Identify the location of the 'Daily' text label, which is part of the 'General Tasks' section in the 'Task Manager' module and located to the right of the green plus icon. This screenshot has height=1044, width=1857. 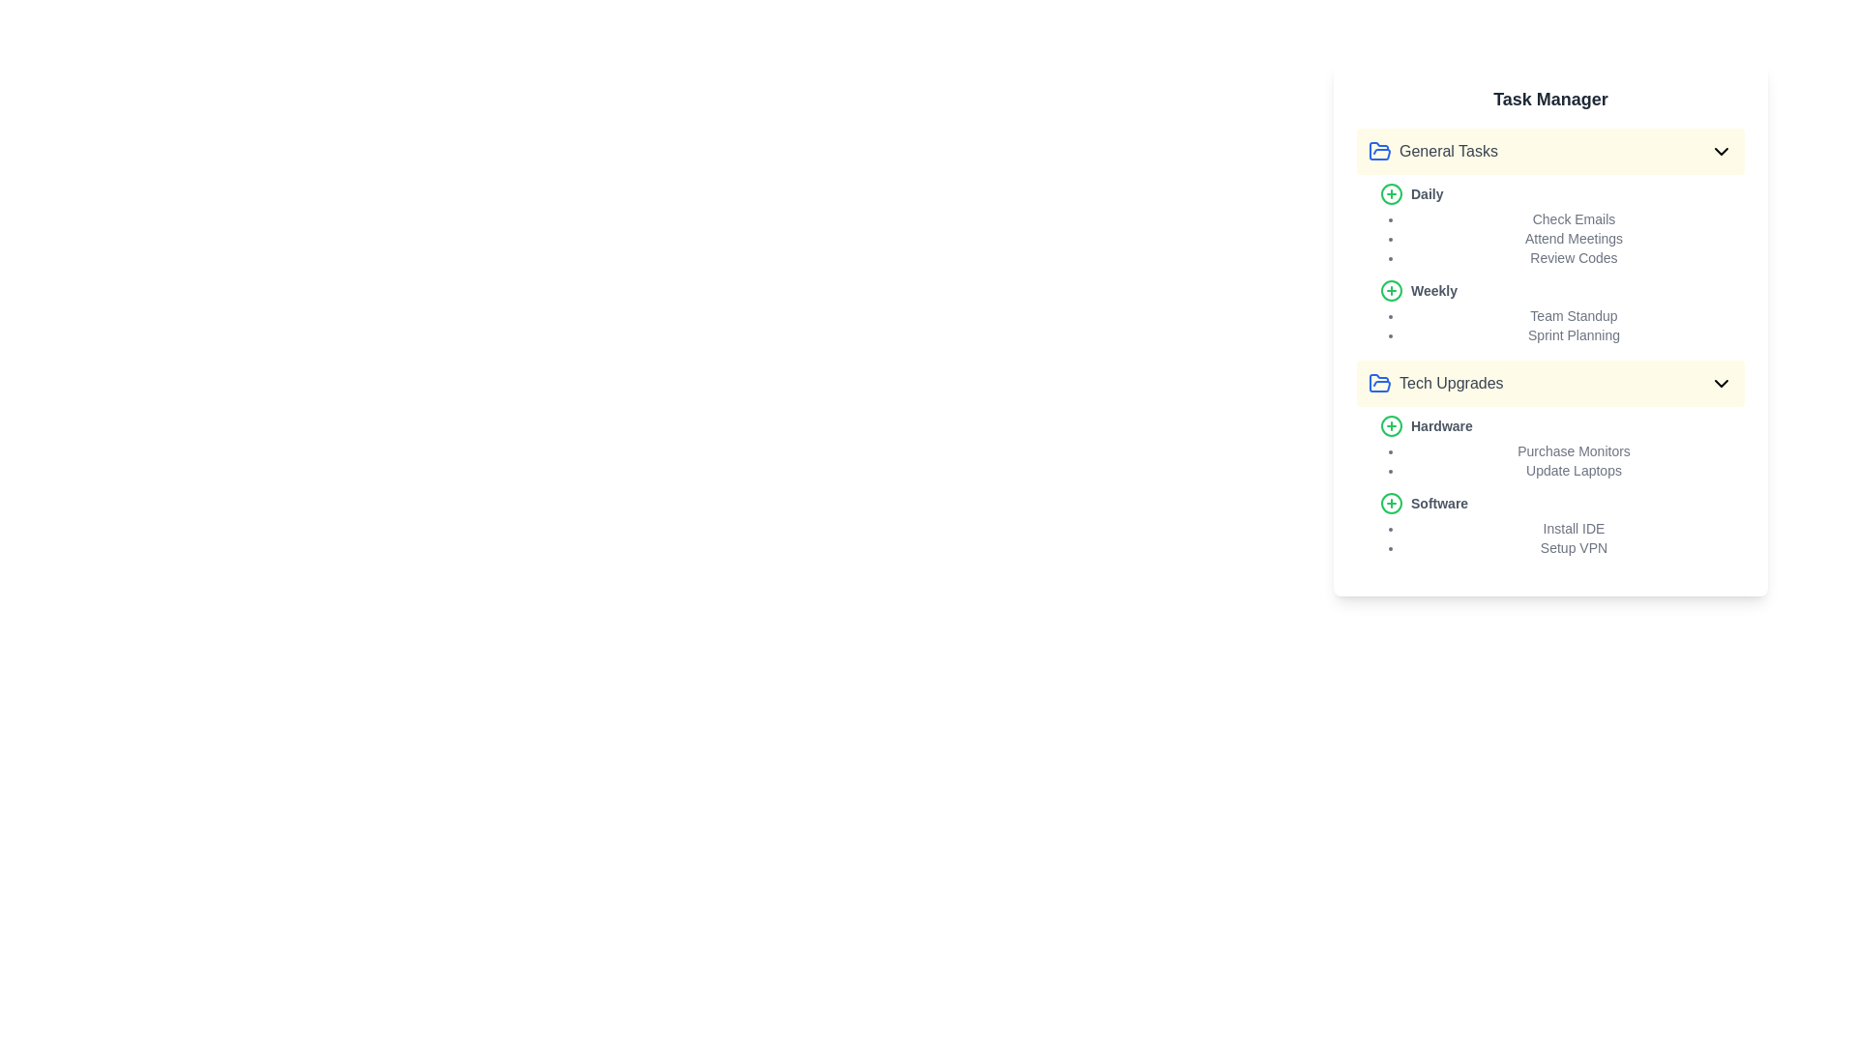
(1427, 193).